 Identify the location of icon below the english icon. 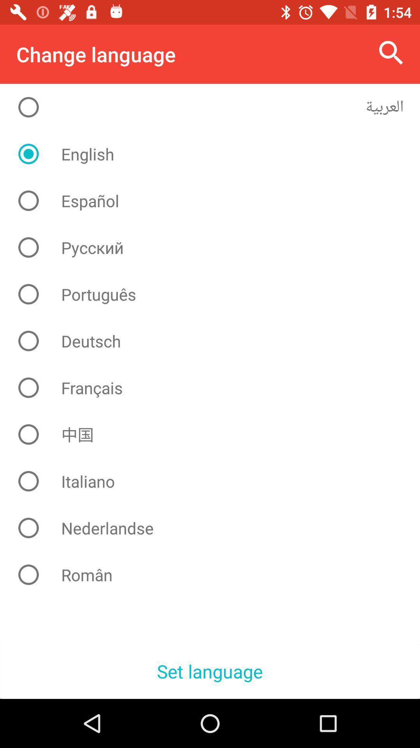
(216, 201).